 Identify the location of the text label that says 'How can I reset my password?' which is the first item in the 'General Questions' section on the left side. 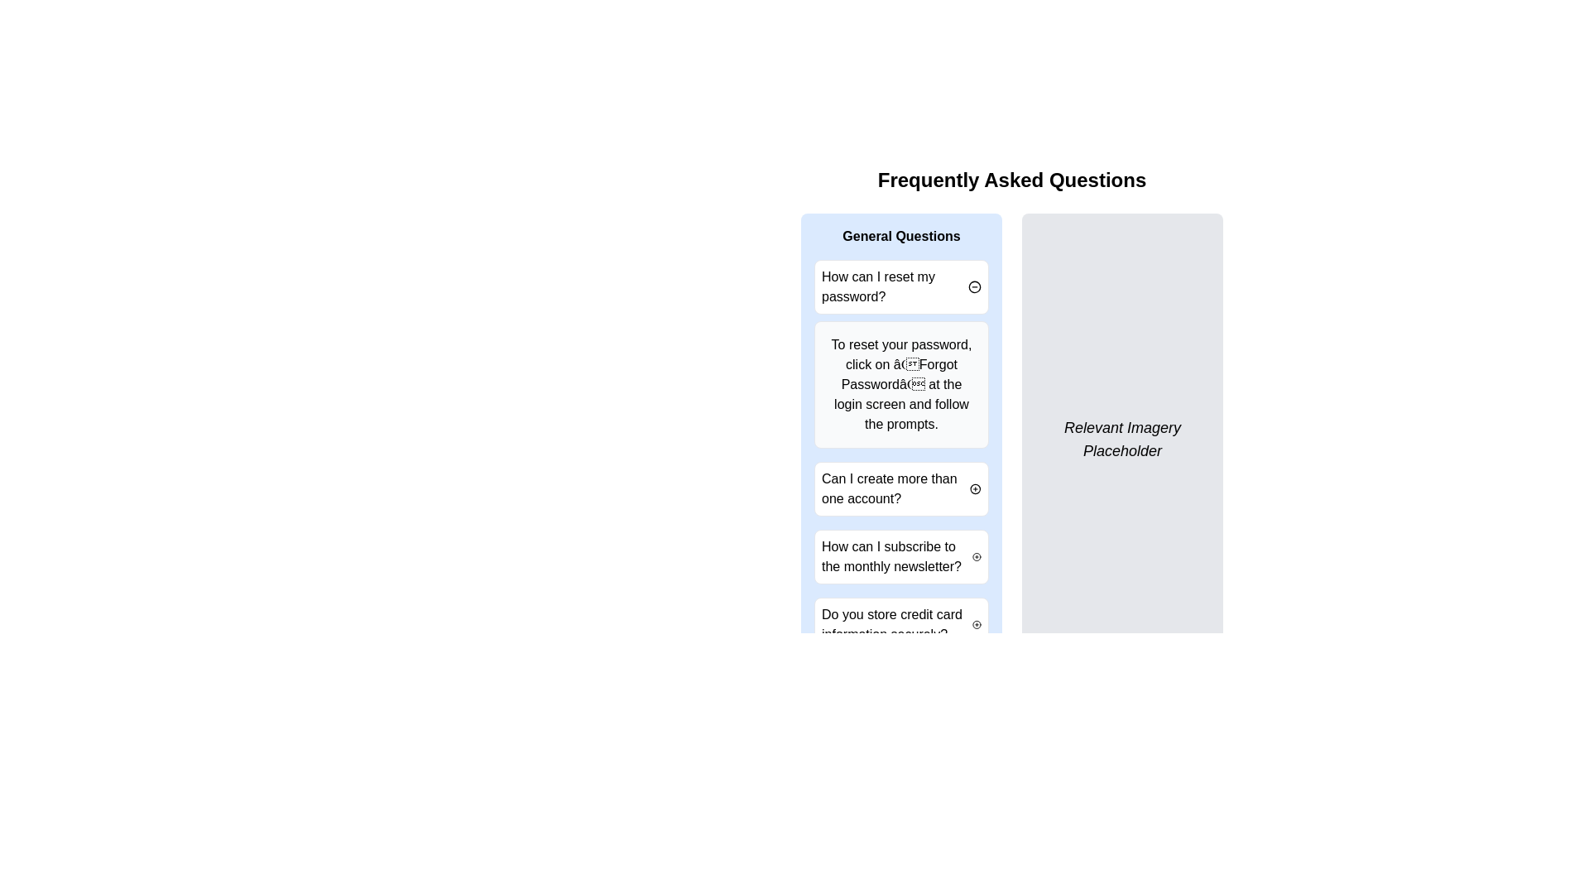
(894, 286).